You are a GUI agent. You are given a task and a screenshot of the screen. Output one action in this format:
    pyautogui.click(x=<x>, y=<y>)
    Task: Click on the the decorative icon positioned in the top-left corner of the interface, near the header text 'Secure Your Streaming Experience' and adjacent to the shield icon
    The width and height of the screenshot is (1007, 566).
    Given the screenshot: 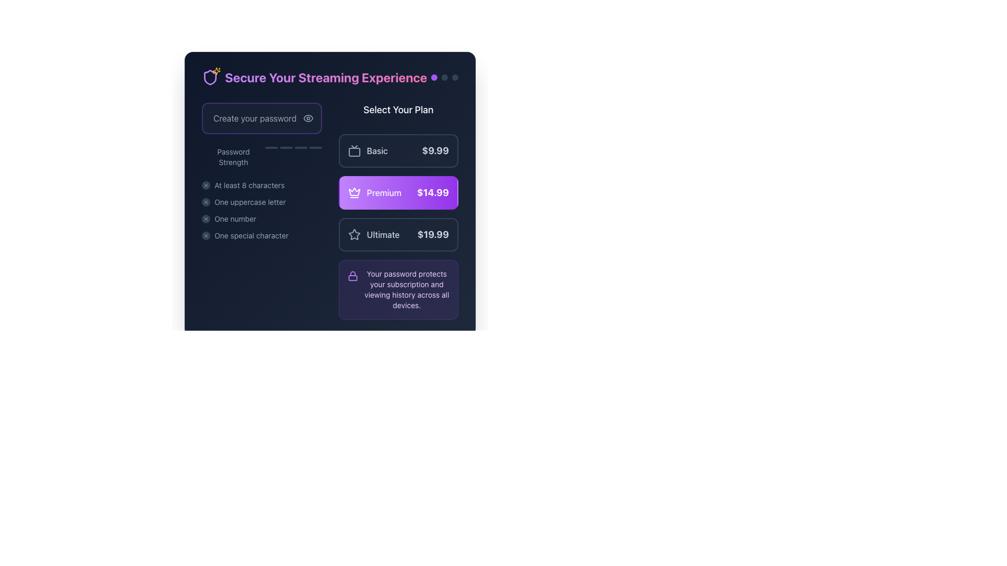 What is the action you would take?
    pyautogui.click(x=216, y=71)
    